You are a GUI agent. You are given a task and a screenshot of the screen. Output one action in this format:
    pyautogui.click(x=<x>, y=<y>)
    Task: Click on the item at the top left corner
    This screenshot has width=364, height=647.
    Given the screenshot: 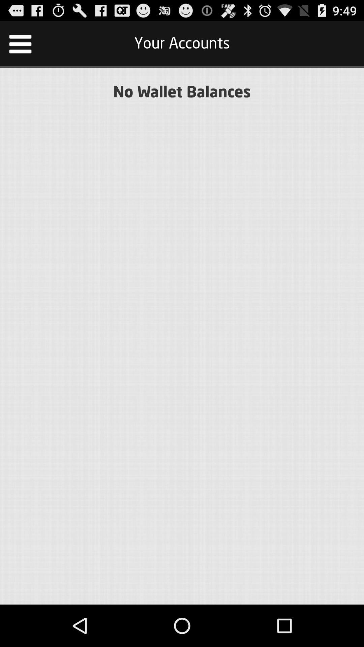 What is the action you would take?
    pyautogui.click(x=20, y=43)
    